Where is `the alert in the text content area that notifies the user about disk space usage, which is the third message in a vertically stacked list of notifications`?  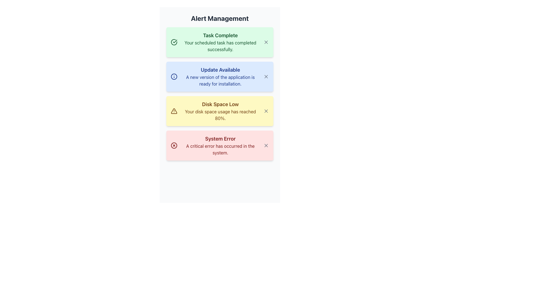 the alert in the text content area that notifies the user about disk space usage, which is the third message in a vertically stacked list of notifications is located at coordinates (220, 111).